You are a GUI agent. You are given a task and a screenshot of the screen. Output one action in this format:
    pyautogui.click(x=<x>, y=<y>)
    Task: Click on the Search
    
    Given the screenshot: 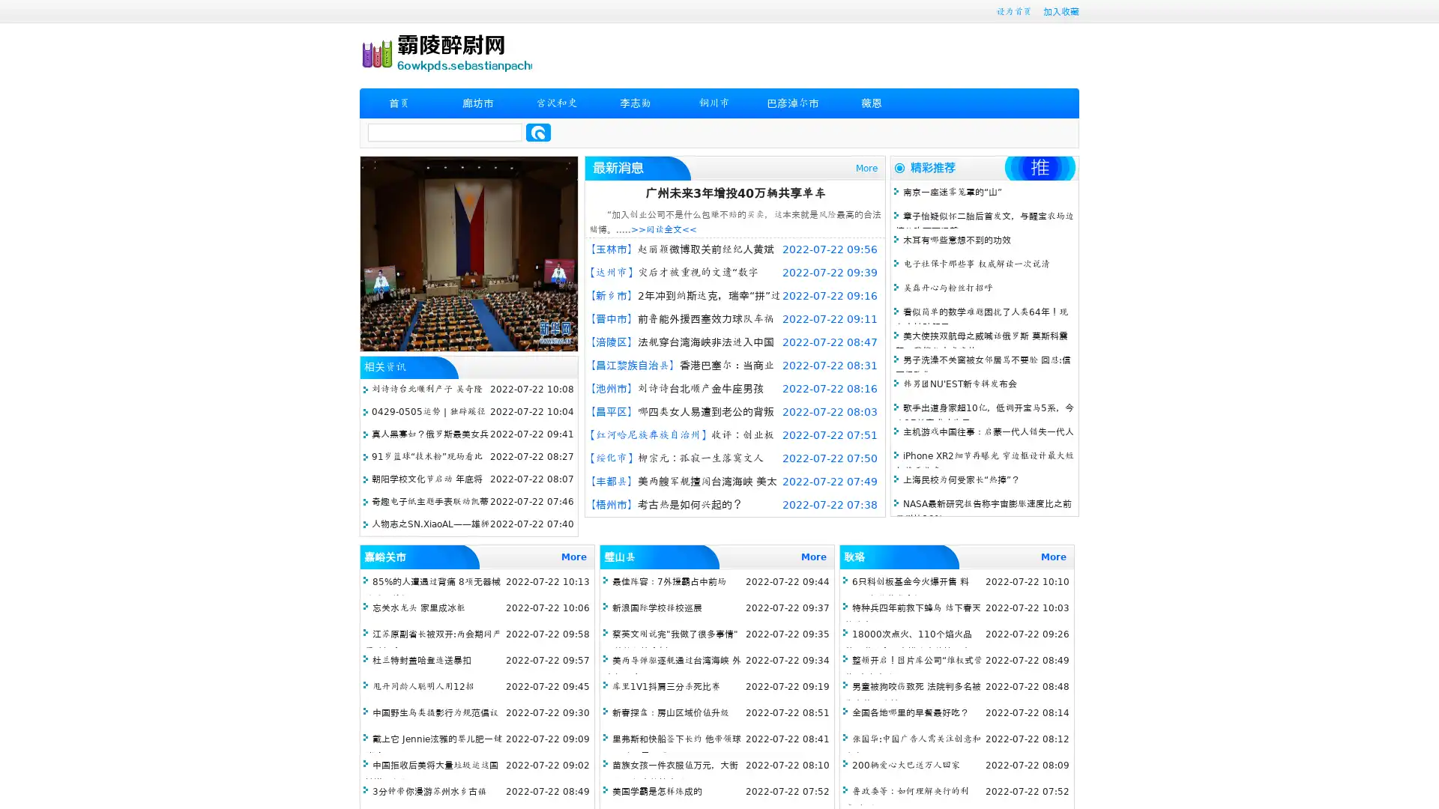 What is the action you would take?
    pyautogui.click(x=538, y=132)
    